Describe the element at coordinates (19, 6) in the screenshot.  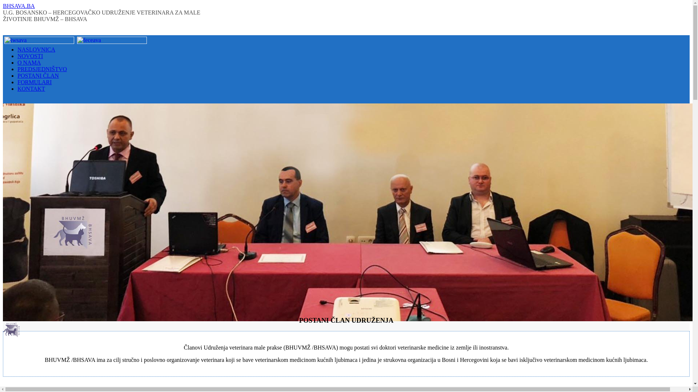
I see `'BHSAVA.BA'` at that location.